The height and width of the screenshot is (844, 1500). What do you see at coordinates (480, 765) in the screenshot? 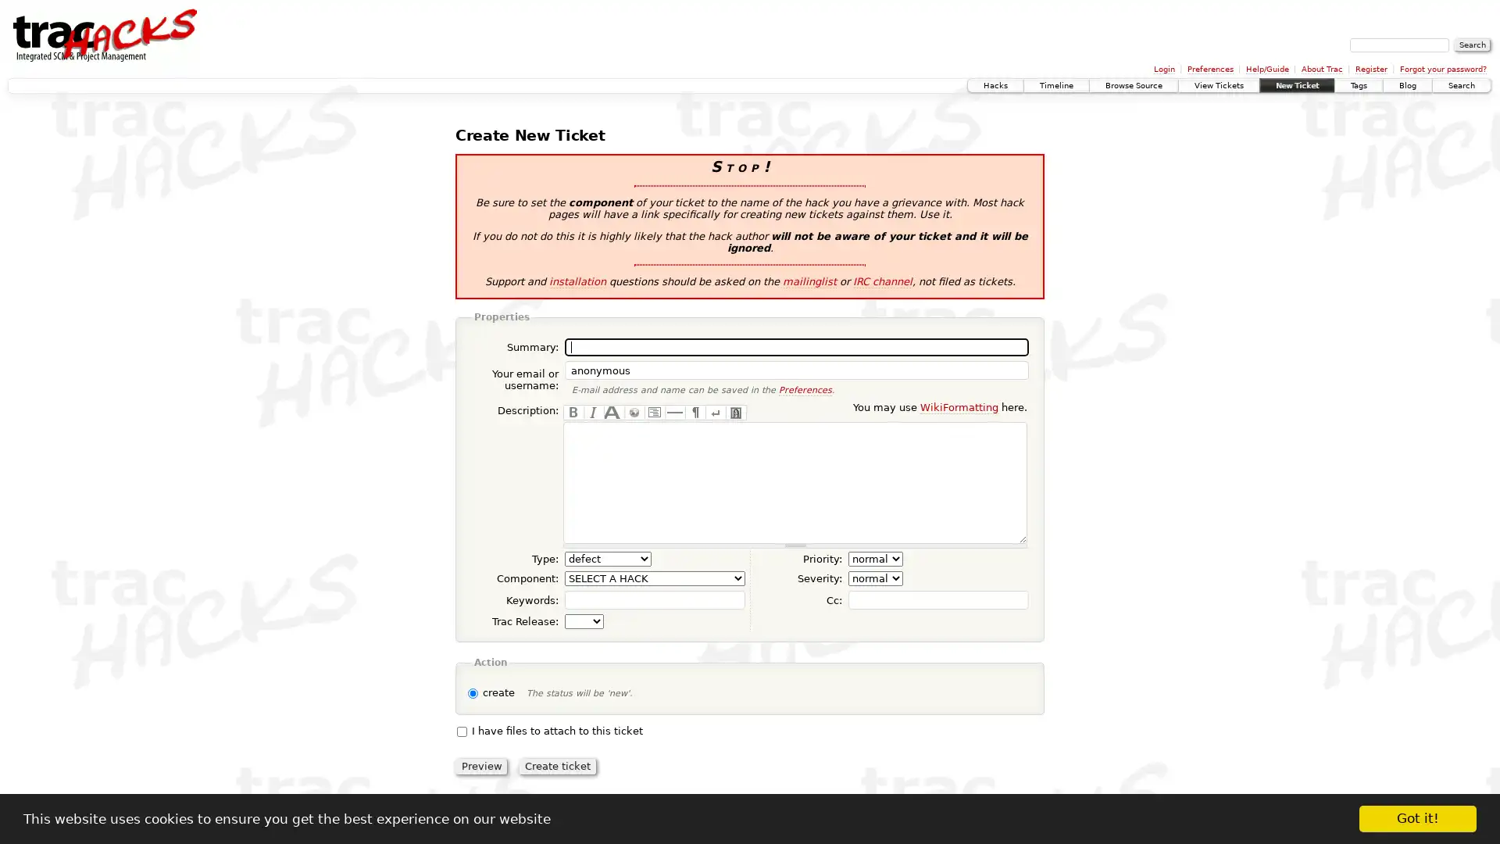
I see `Preview` at bounding box center [480, 765].